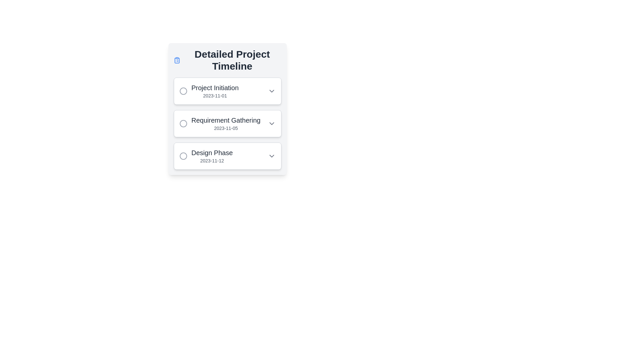 The image size is (638, 358). Describe the element at coordinates (177, 60) in the screenshot. I see `the blue clipboard icon located to the left of the text 'Detailed Project Timeline', which has a rectangular body and clear outline` at that location.